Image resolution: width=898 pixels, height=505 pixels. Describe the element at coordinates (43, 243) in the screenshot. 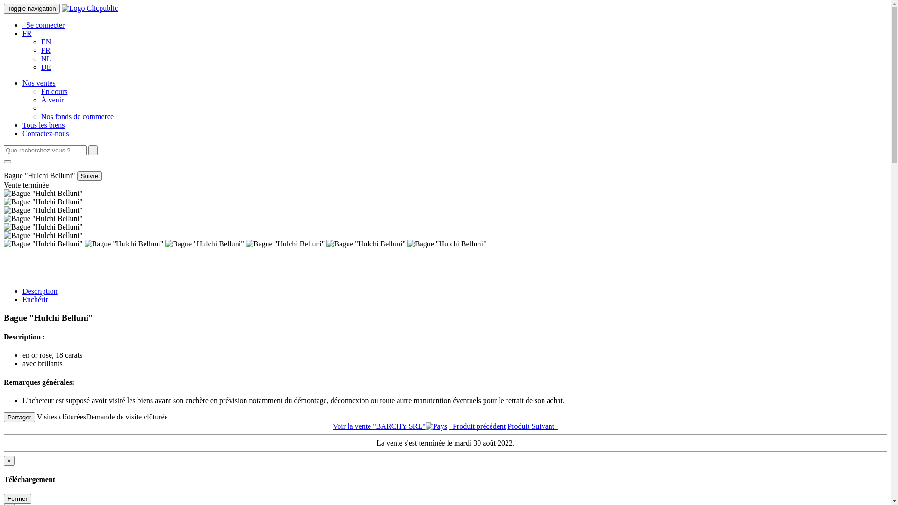

I see `'Bague "Hulchi Belluni"'` at that location.